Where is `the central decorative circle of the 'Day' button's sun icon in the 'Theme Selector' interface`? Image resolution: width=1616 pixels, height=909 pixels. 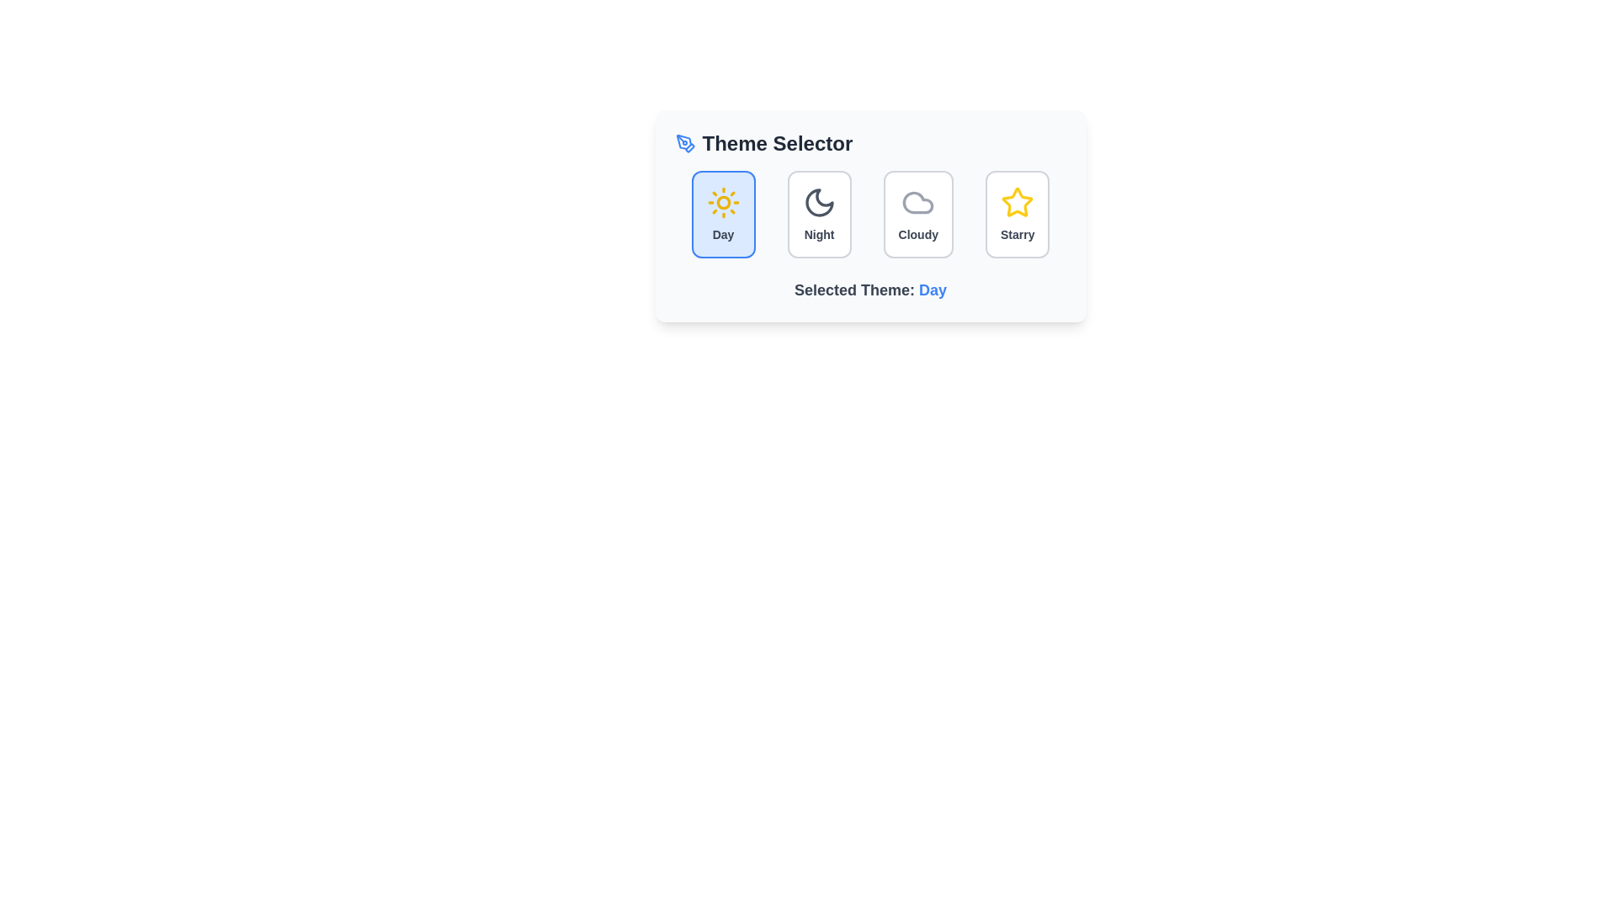 the central decorative circle of the 'Day' button's sun icon in the 'Theme Selector' interface is located at coordinates (723, 201).